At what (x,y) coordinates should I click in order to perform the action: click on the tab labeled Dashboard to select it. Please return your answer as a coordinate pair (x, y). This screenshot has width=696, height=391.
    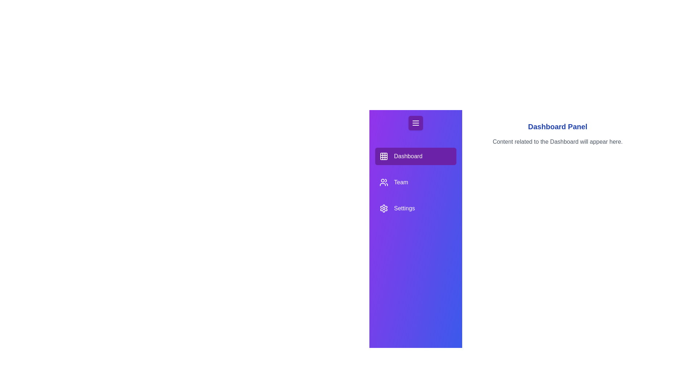
    Looking at the image, I should click on (416, 156).